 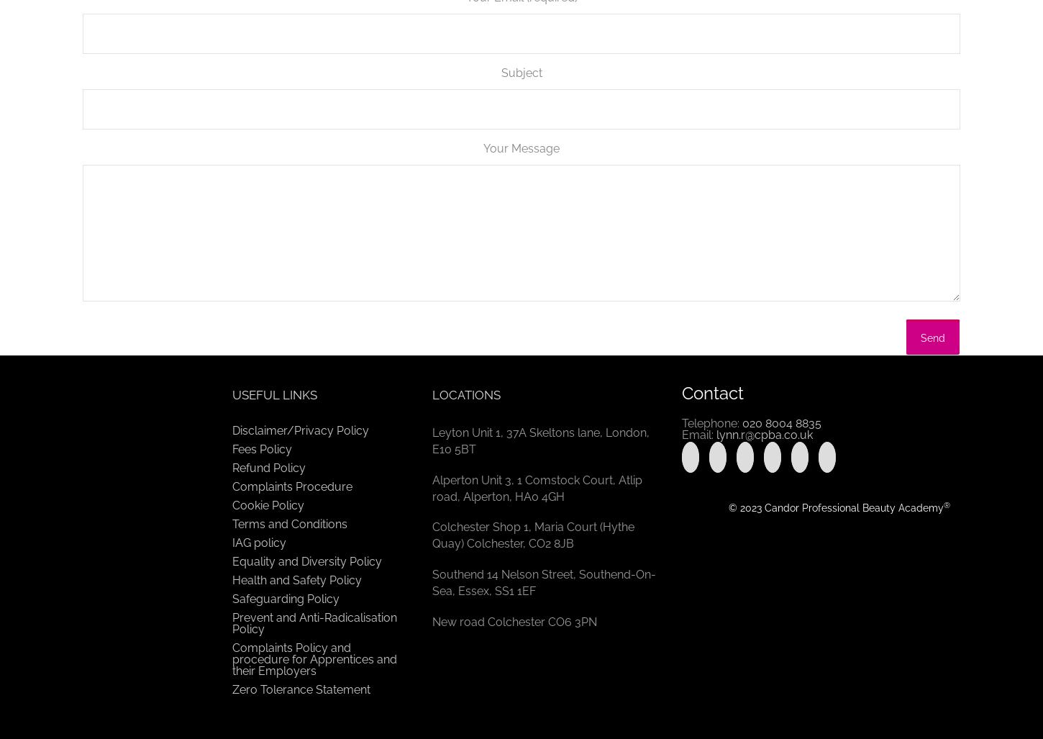 What do you see at coordinates (296, 580) in the screenshot?
I see `'Health and Safety Policy'` at bounding box center [296, 580].